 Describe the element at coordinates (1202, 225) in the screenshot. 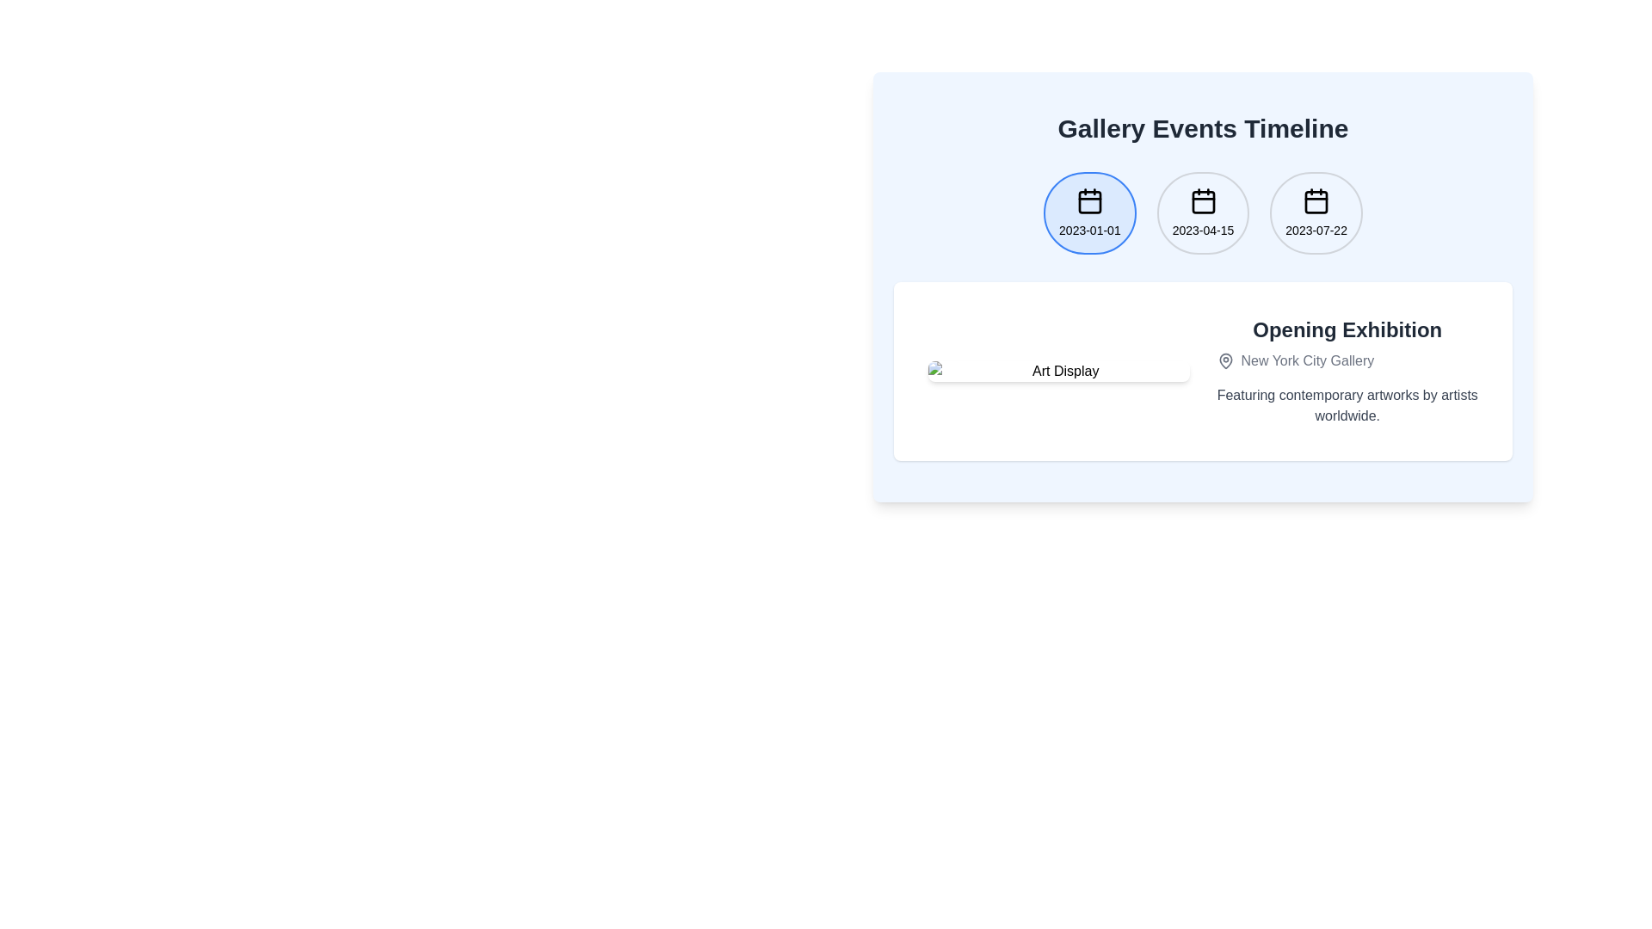

I see `the circular button labeled '2023-04-15' with a grey border and a white background` at that location.